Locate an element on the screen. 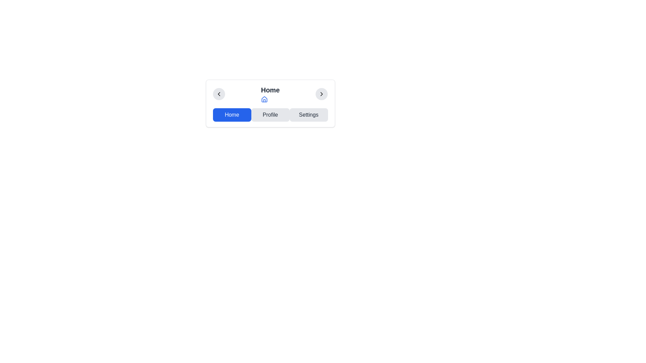  the 'Settings' button, which is a rectangular button with a gray background and black text is located at coordinates (308, 115).